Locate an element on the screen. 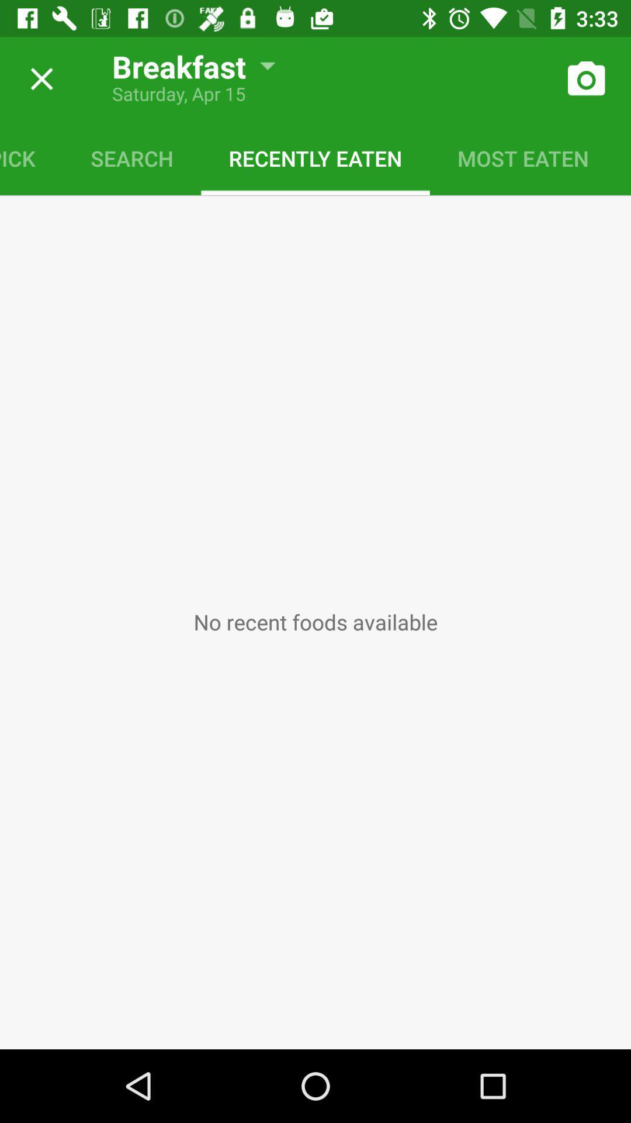  item above the search item is located at coordinates (185, 61).